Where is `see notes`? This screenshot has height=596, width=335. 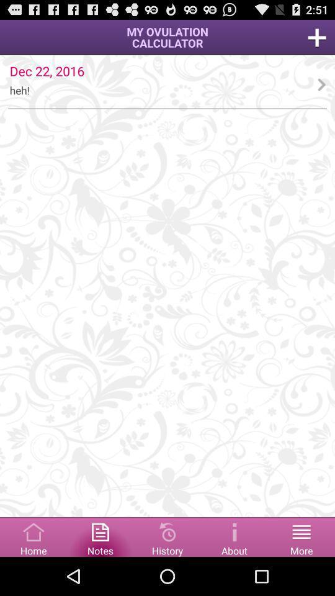 see notes is located at coordinates (100, 536).